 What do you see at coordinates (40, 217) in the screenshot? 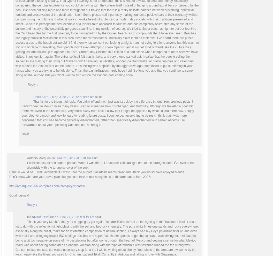
I see `'theadventuresofadr'` at bounding box center [40, 217].